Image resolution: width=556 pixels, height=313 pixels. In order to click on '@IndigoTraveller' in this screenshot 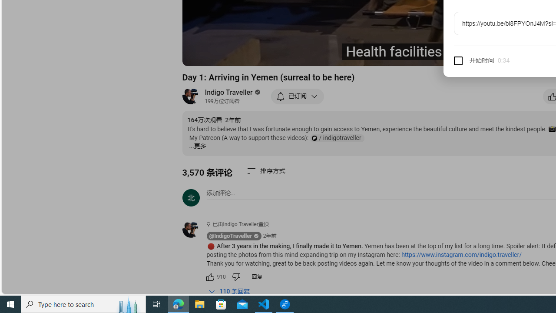, I will do `click(230, 236)`.